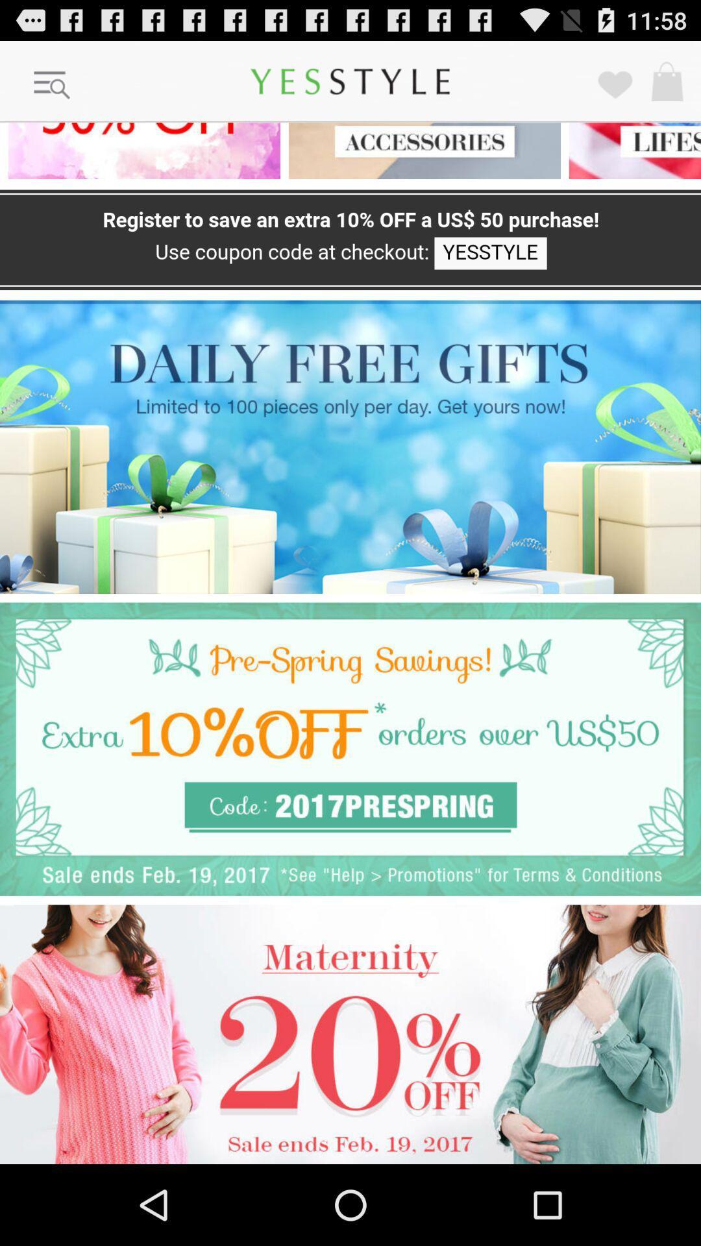  I want to click on search, so click(52, 85).